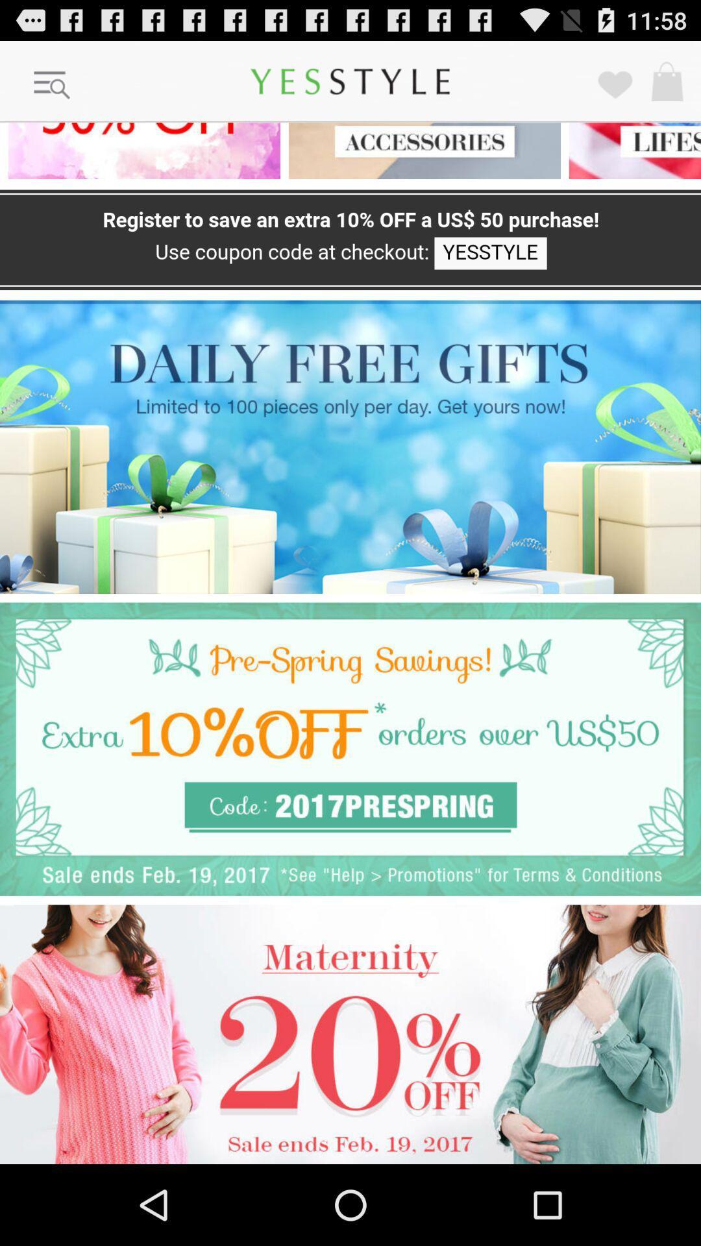  I want to click on search, so click(52, 85).